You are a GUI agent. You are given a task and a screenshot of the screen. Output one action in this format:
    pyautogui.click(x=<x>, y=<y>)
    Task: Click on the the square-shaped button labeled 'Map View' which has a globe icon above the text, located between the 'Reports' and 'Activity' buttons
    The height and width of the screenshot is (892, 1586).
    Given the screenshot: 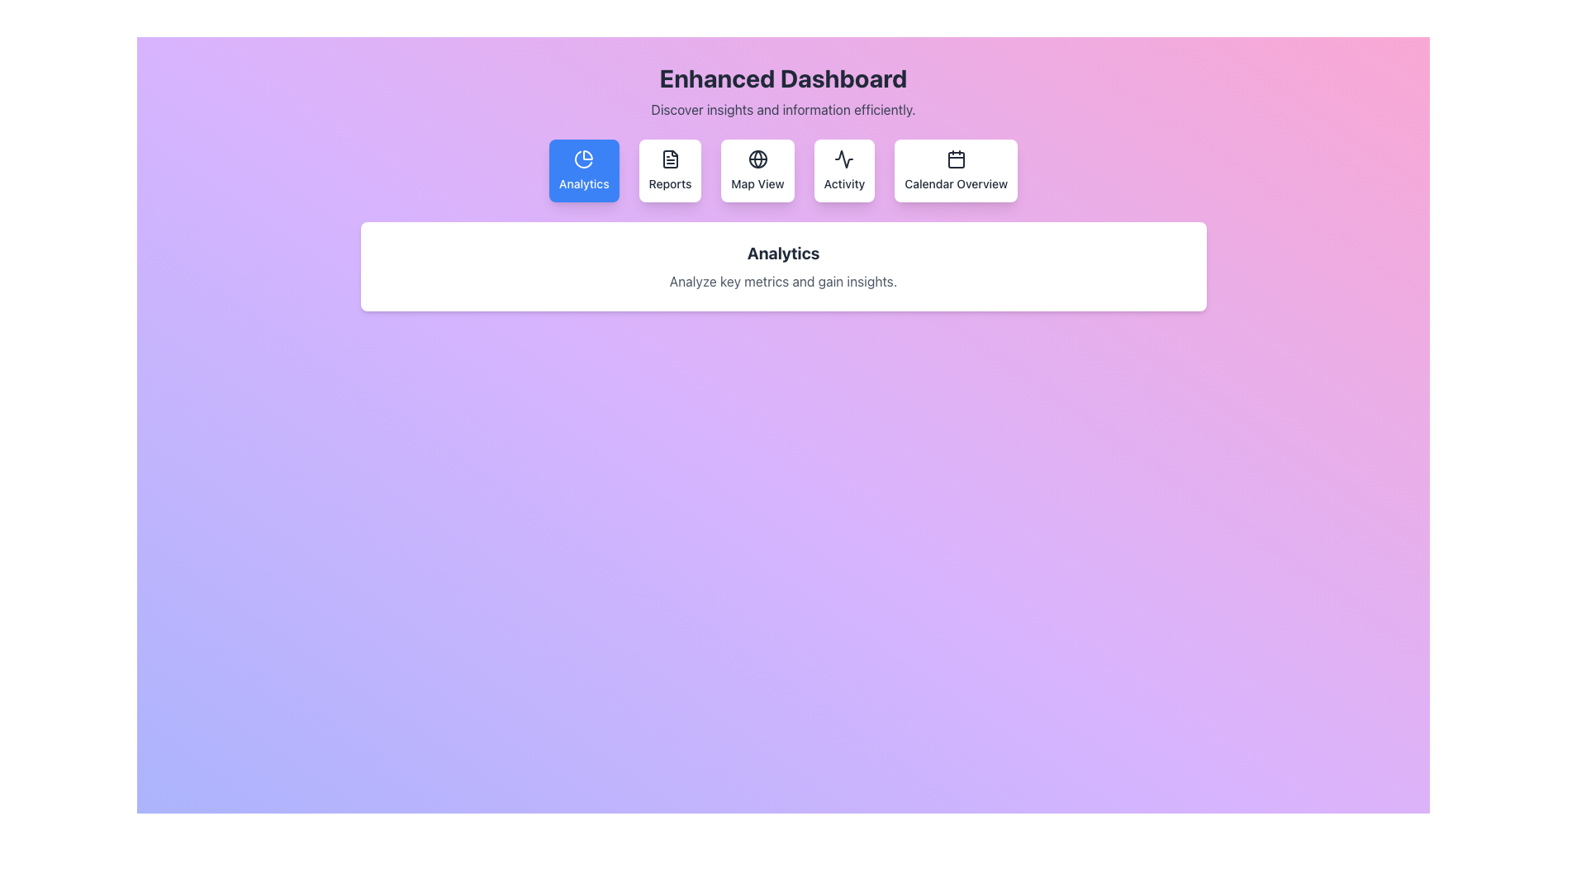 What is the action you would take?
    pyautogui.click(x=757, y=171)
    